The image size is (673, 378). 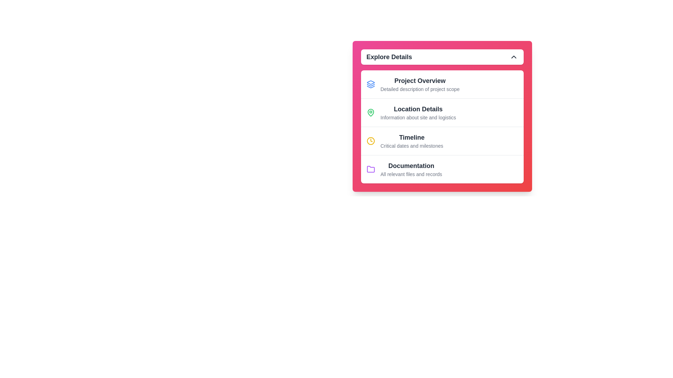 What do you see at coordinates (370, 84) in the screenshot?
I see `the minimalistic blue outlined SVG icon representing stacked layers, located to the left of the 'Project Overview' text in the first row of the 'Explore Details' list` at bounding box center [370, 84].